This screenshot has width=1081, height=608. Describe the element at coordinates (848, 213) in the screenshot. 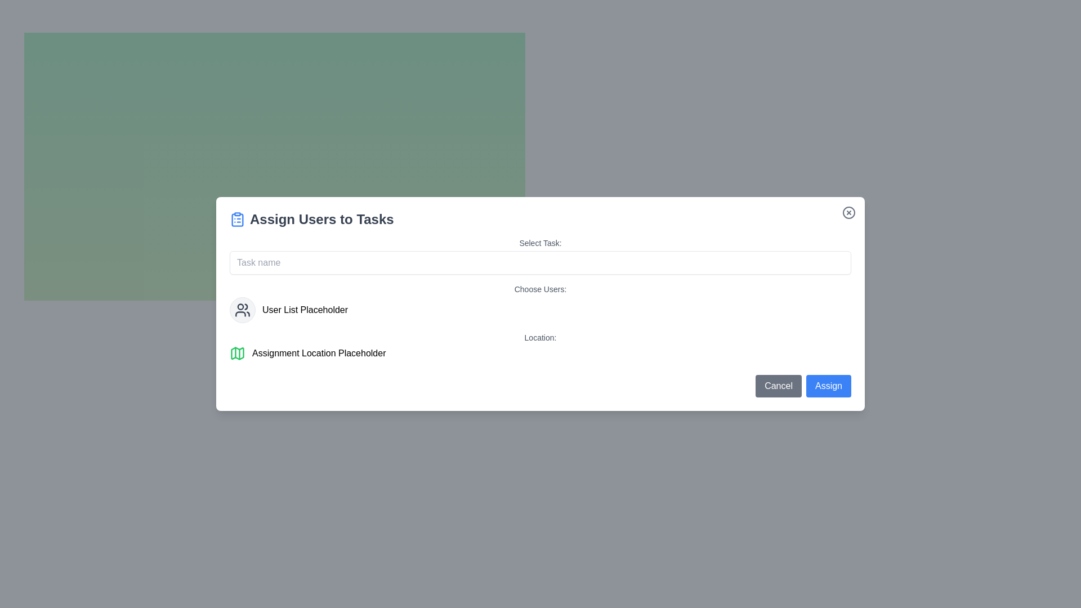

I see `the close button (Icon Button) located in the top-right corner of the dialog` at that location.